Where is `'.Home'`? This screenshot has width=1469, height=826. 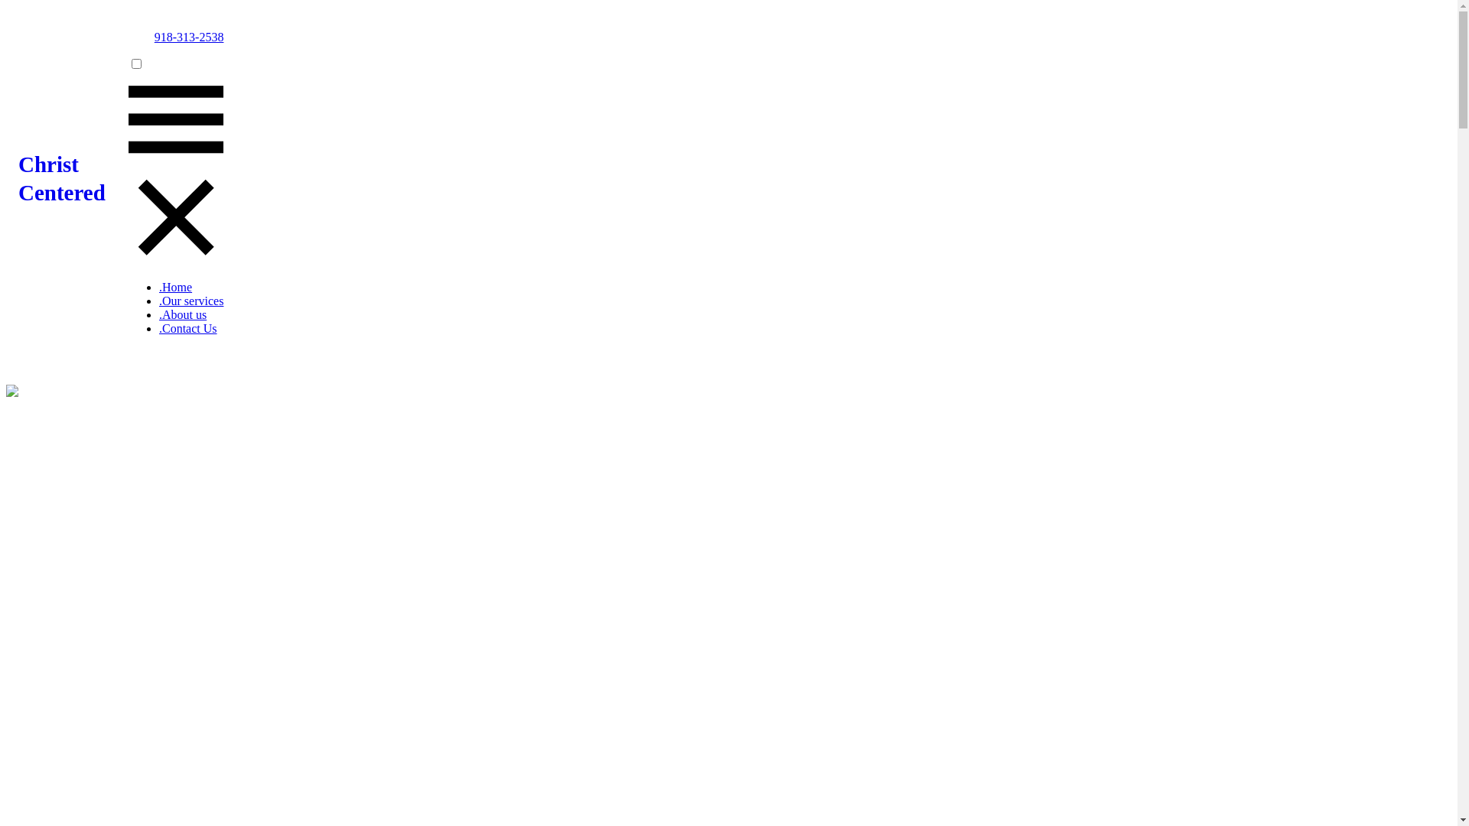 '.Home' is located at coordinates (175, 287).